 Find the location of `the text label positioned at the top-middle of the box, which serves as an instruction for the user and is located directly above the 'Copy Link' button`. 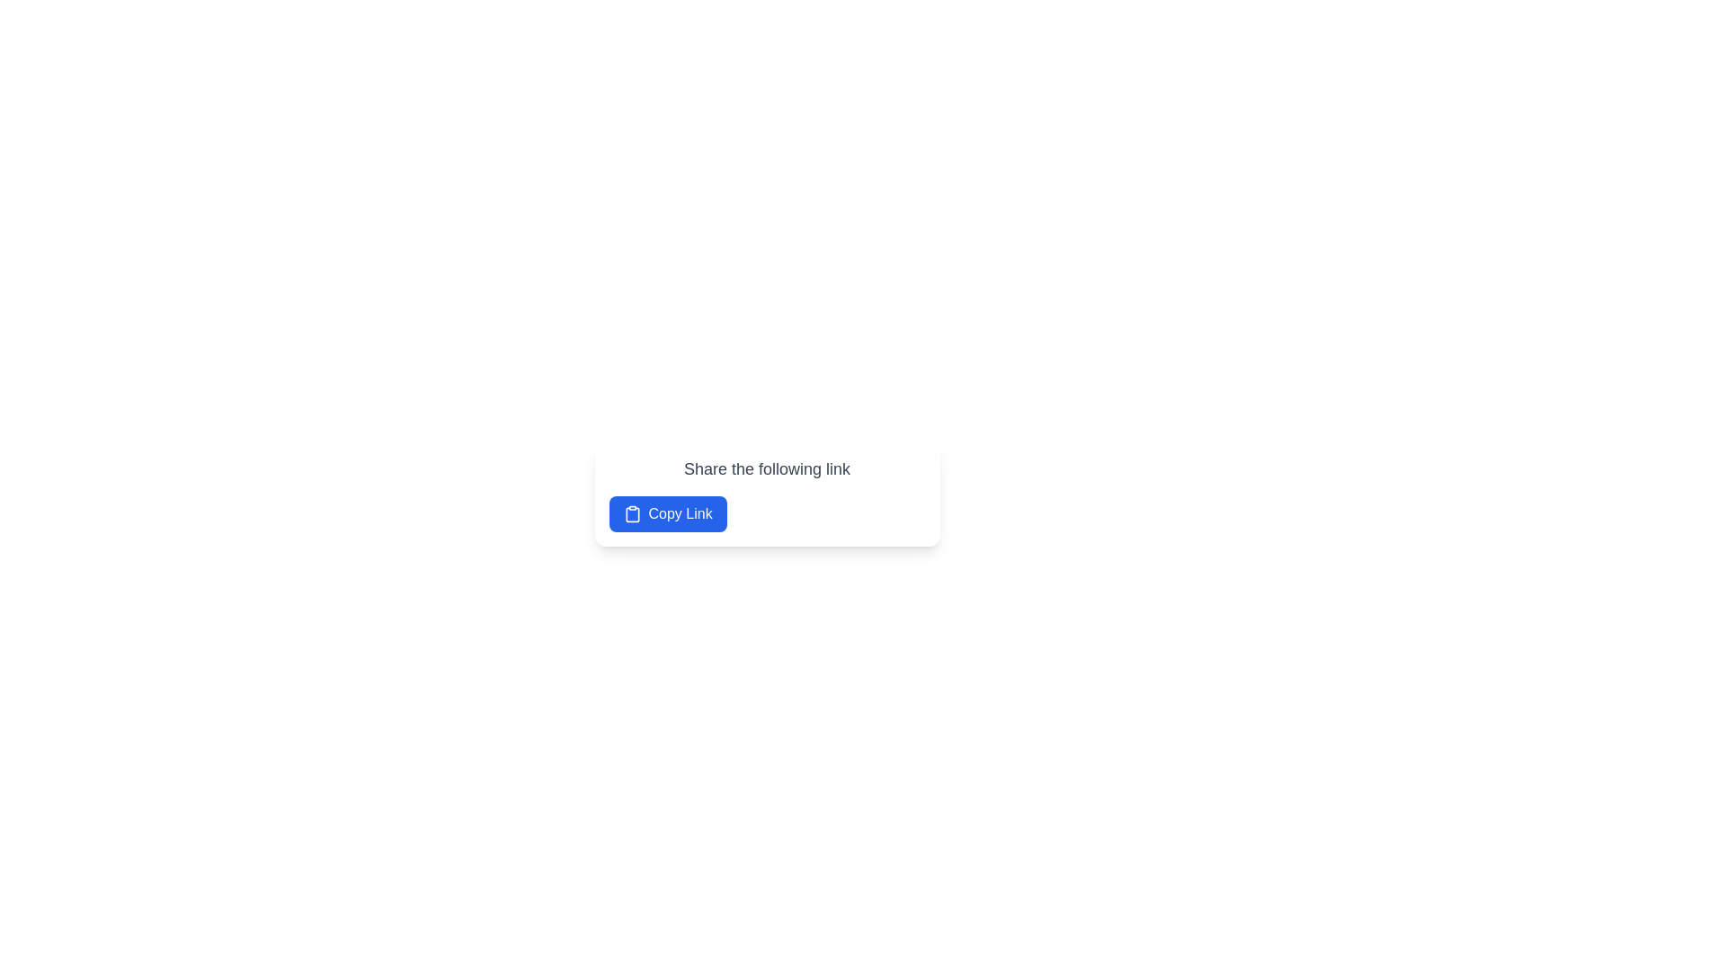

the text label positioned at the top-middle of the box, which serves as an instruction for the user and is located directly above the 'Copy Link' button is located at coordinates (767, 468).